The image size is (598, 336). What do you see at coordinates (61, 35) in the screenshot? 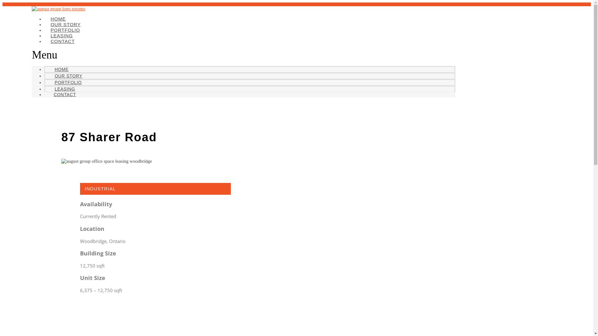
I see `'LEASING'` at bounding box center [61, 35].